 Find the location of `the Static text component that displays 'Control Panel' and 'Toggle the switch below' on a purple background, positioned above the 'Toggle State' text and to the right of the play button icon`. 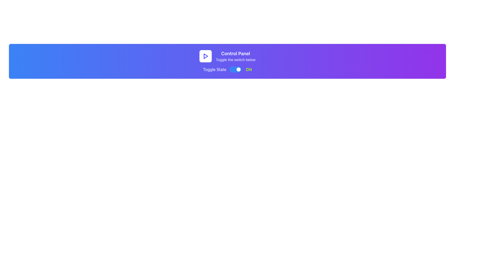

the Static text component that displays 'Control Panel' and 'Toggle the switch below' on a purple background, positioned above the 'Toggle State' text and to the right of the play button icon is located at coordinates (235, 56).